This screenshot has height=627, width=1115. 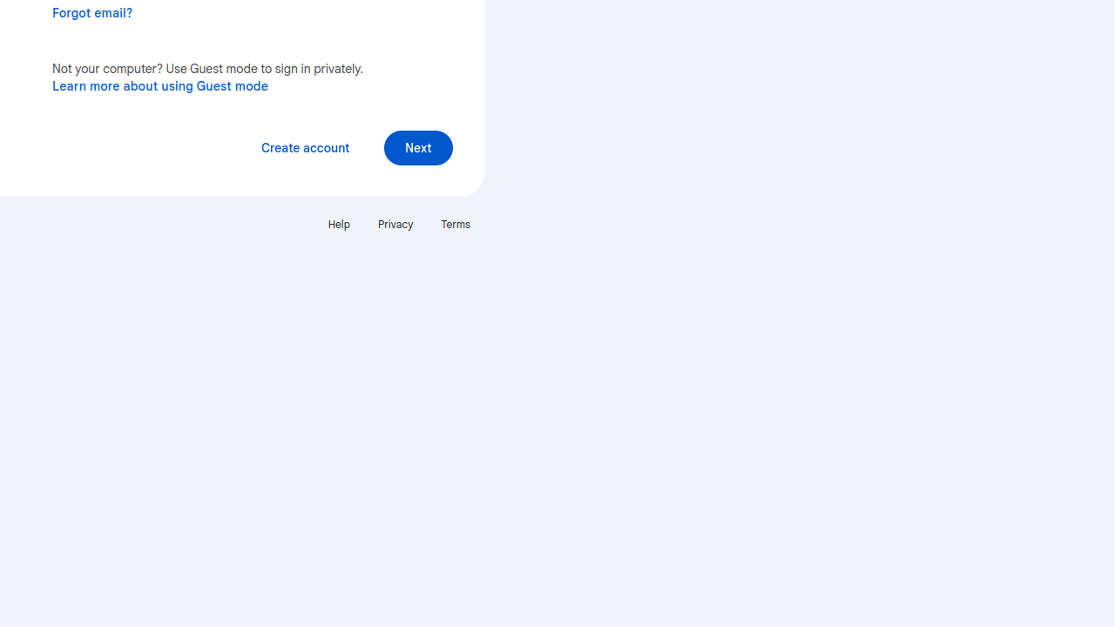 What do you see at coordinates (160, 86) in the screenshot?
I see `'Learn more about using Guest mode'` at bounding box center [160, 86].